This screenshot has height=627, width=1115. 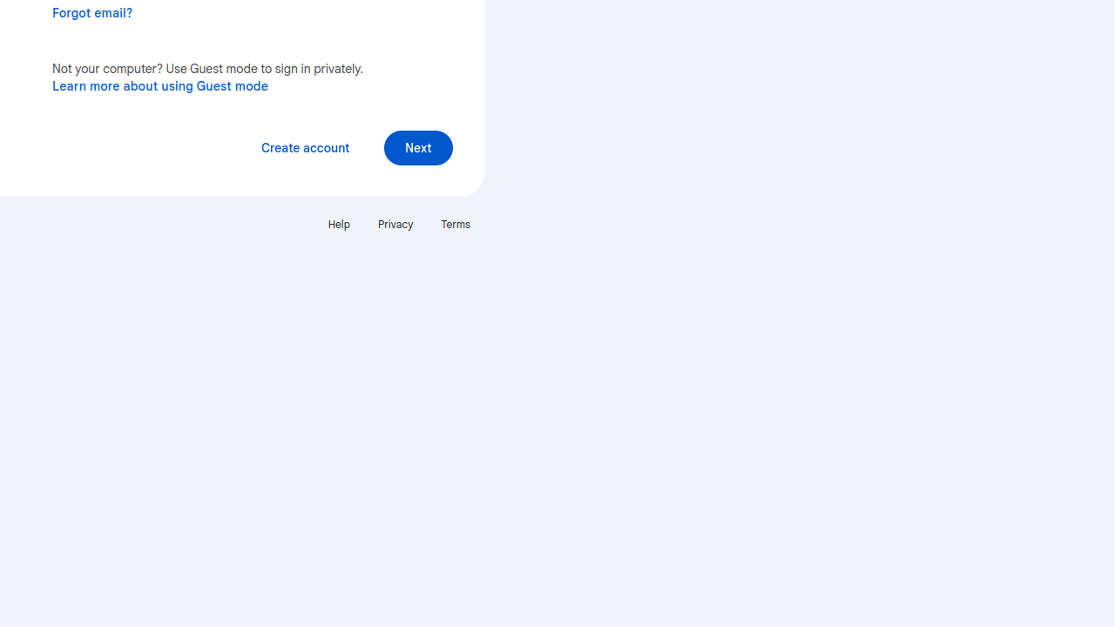 What do you see at coordinates (160, 86) in the screenshot?
I see `'Learn more about using Guest mode'` at bounding box center [160, 86].